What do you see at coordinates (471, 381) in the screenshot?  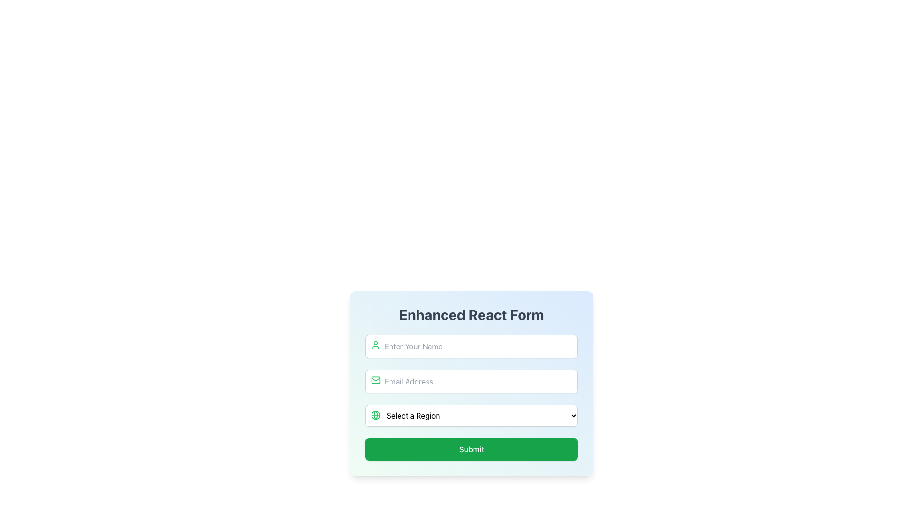 I see `the email input field, which is the second input in the vertical form layout` at bounding box center [471, 381].